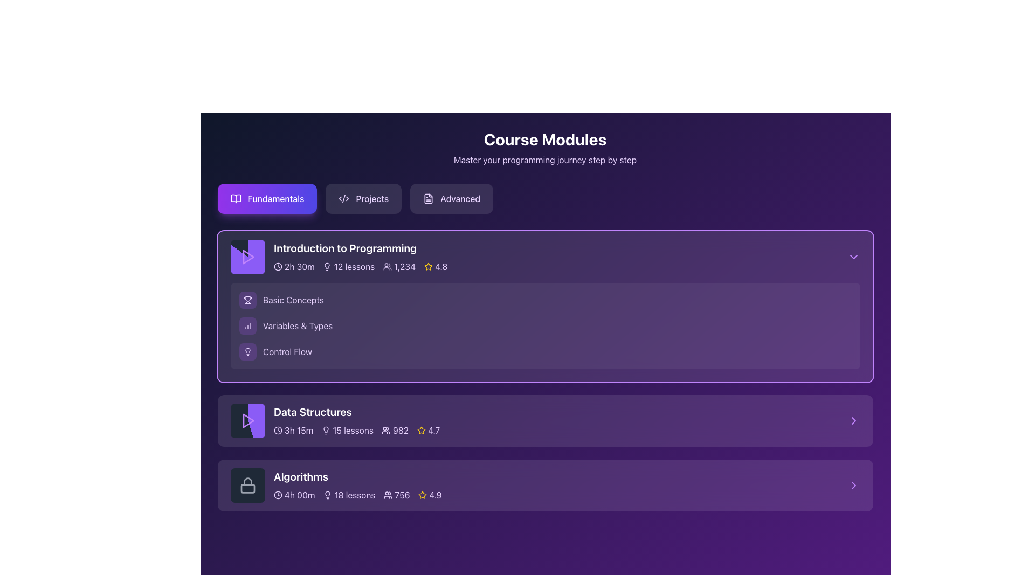 This screenshot has height=582, width=1035. I want to click on information displayed in the course module summary panel for 'Algorithms', which includes details such as duration, number of lessons, number of students enrolled, and course rating, so click(357, 486).